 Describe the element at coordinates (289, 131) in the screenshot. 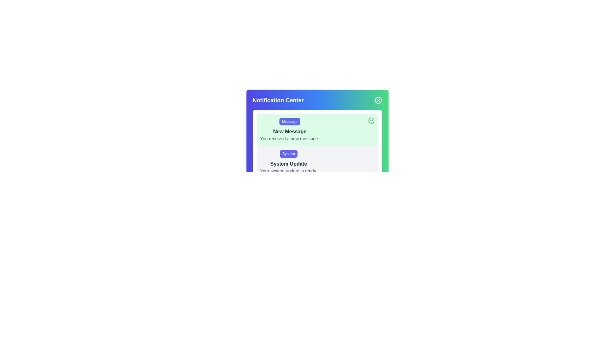

I see `Text Label that serves as a title for the notification message, located below the 'Message' label and above the text 'You received a new message.'` at that location.